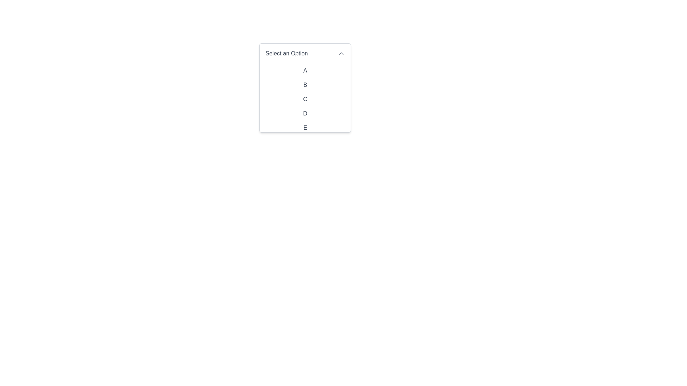 The width and height of the screenshot is (687, 386). What do you see at coordinates (305, 99) in the screenshot?
I see `the 'C' option in the dropdown menu, which is the third item positioned below 'A' and 'B'` at bounding box center [305, 99].